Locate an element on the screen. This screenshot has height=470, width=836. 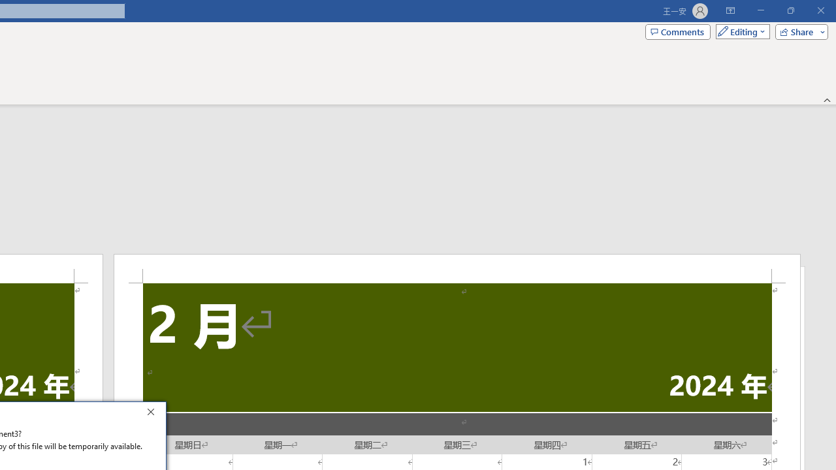
'Minimize' is located at coordinates (760, 10).